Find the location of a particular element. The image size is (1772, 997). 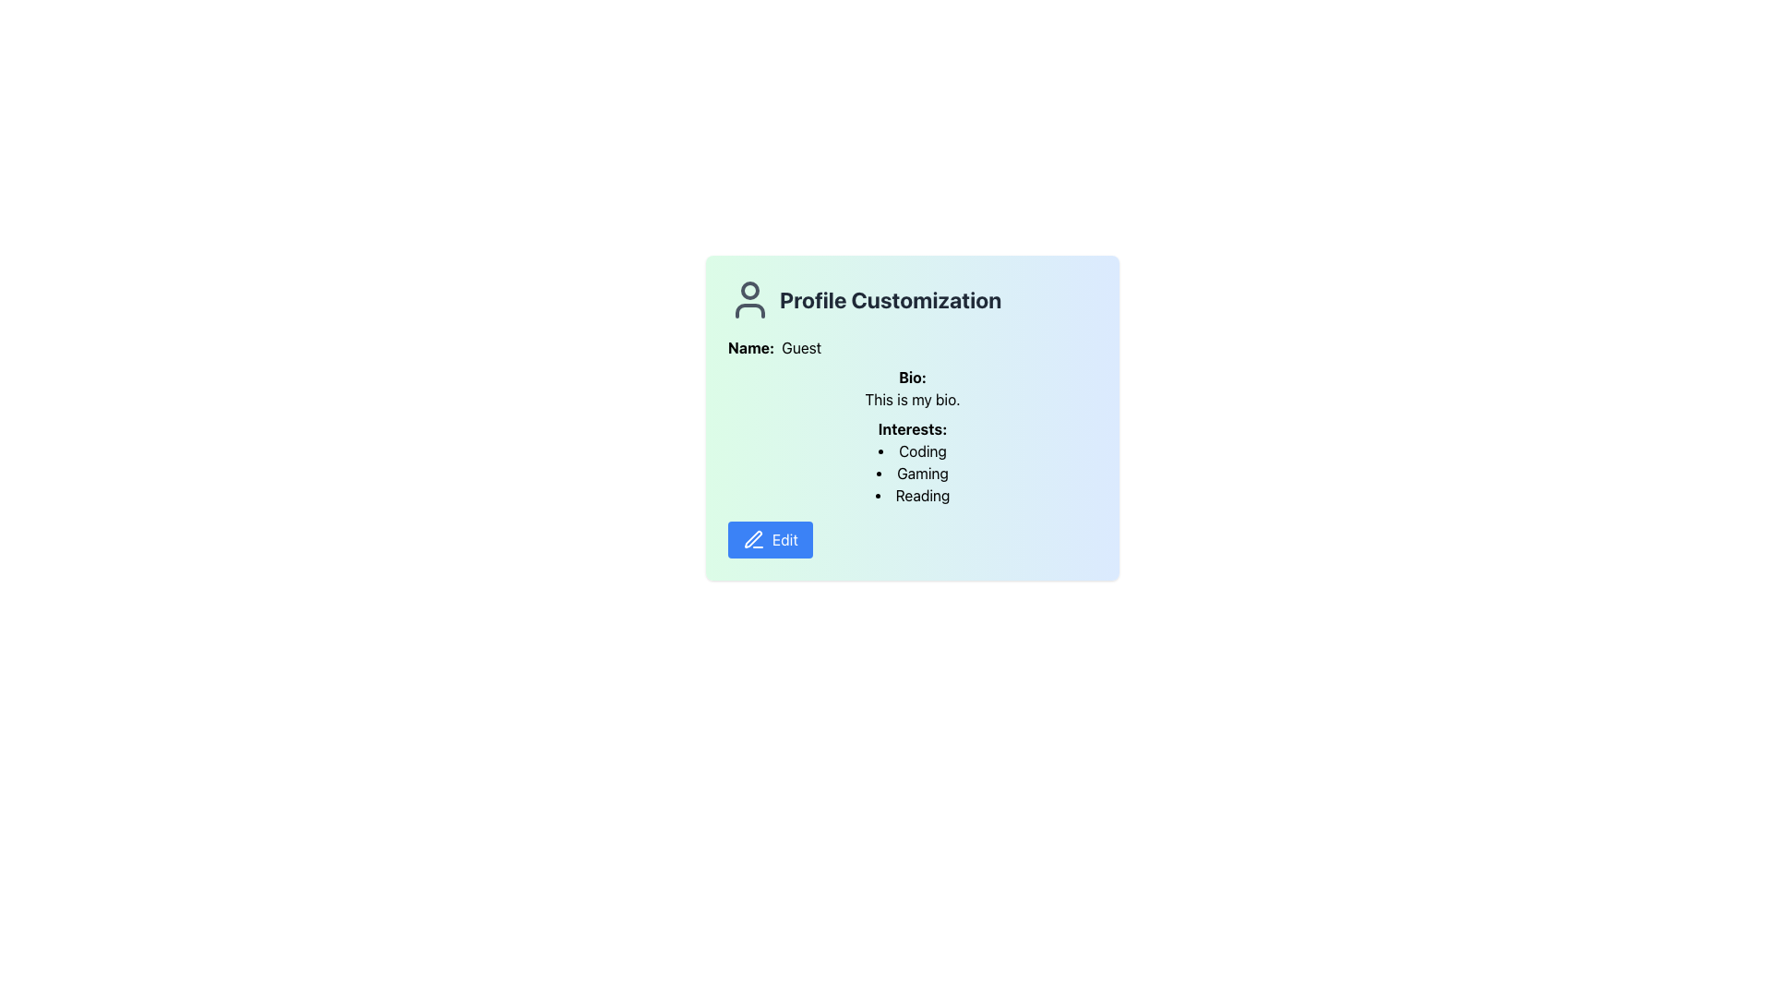

the edit icon located in the blue button at the bottom-left corner of the profile customization card, which symbolizes the action of editing profile information is located at coordinates (753, 539).